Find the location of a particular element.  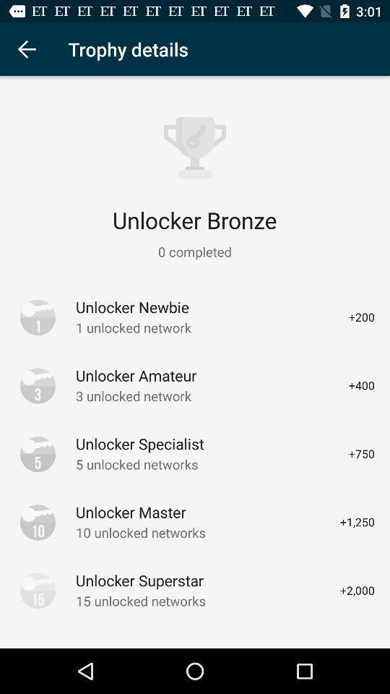

previous is located at coordinates (26, 49).